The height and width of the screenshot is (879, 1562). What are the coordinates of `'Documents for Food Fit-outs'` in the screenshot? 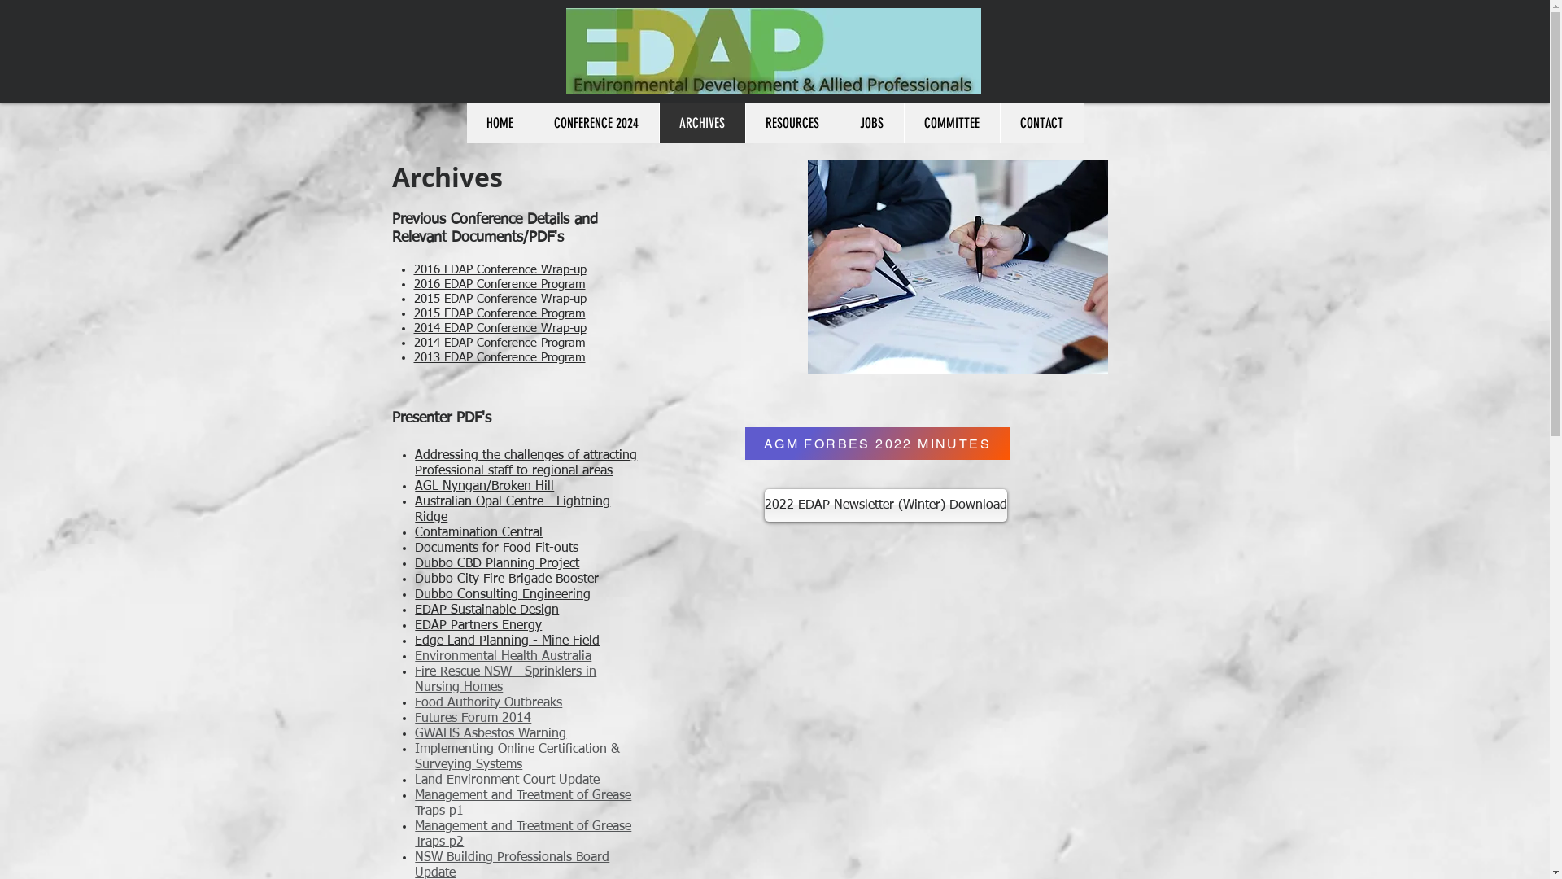 It's located at (495, 549).